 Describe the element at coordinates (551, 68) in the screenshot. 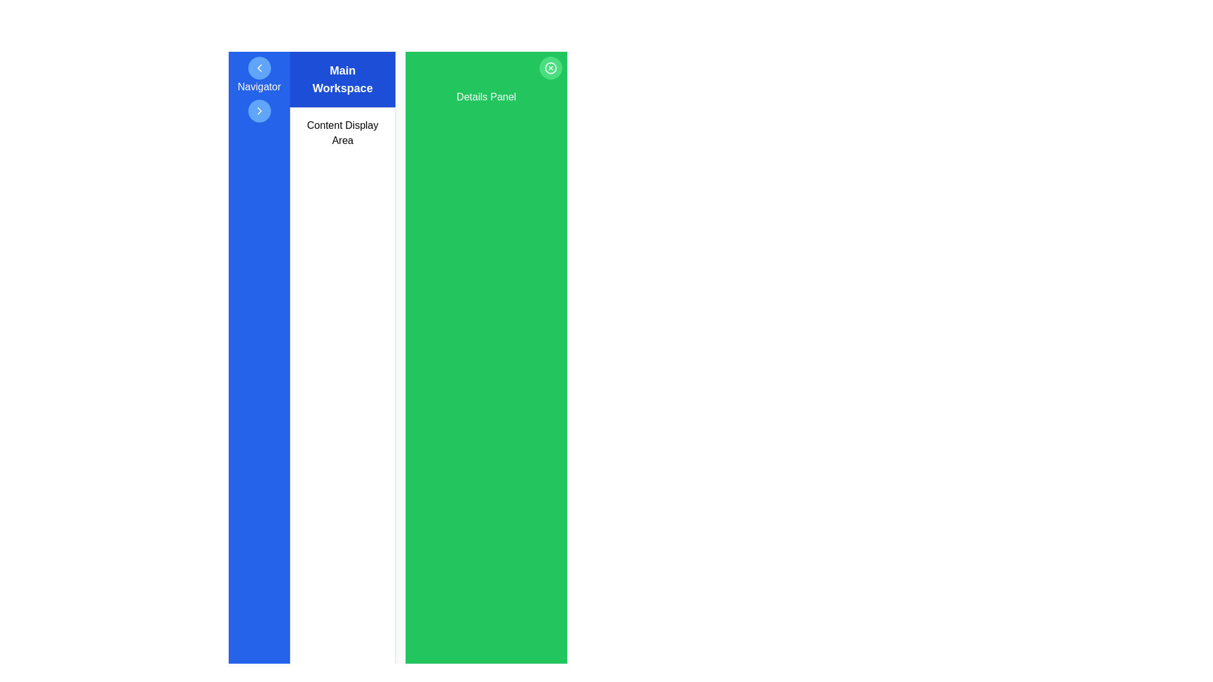

I see `the close button in the top-right corner of the green 'Details Panel'` at that location.